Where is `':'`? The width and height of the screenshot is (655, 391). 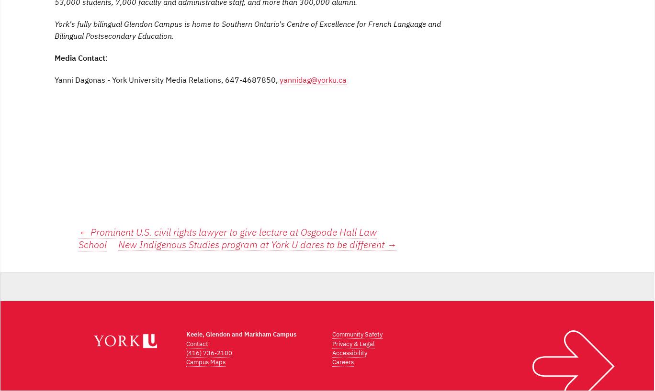
':' is located at coordinates (106, 57).